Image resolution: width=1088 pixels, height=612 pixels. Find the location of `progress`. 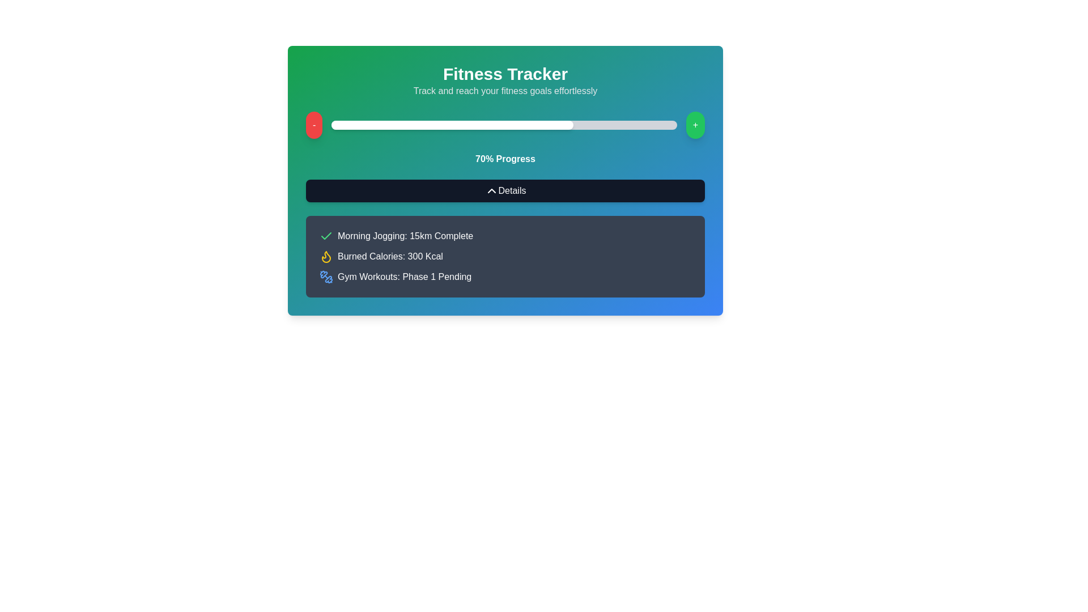

progress is located at coordinates (503, 125).